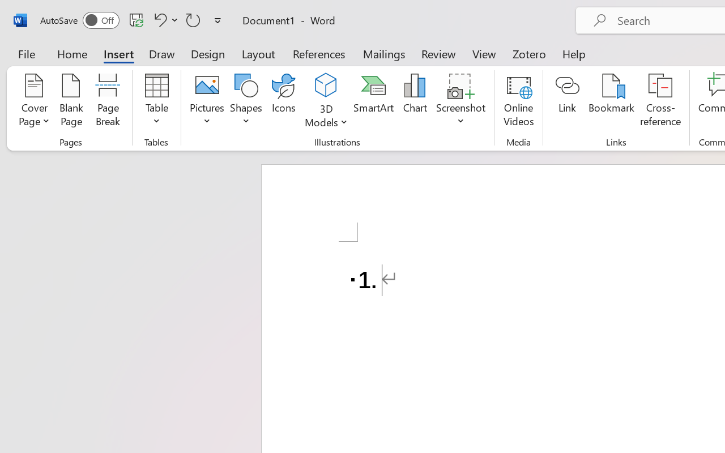 This screenshot has height=453, width=725. I want to click on 'Shapes', so click(246, 101).